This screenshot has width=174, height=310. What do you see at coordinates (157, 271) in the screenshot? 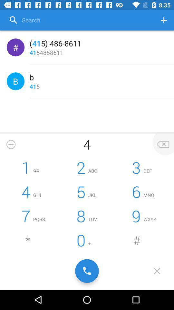
I see `click cancel` at bounding box center [157, 271].